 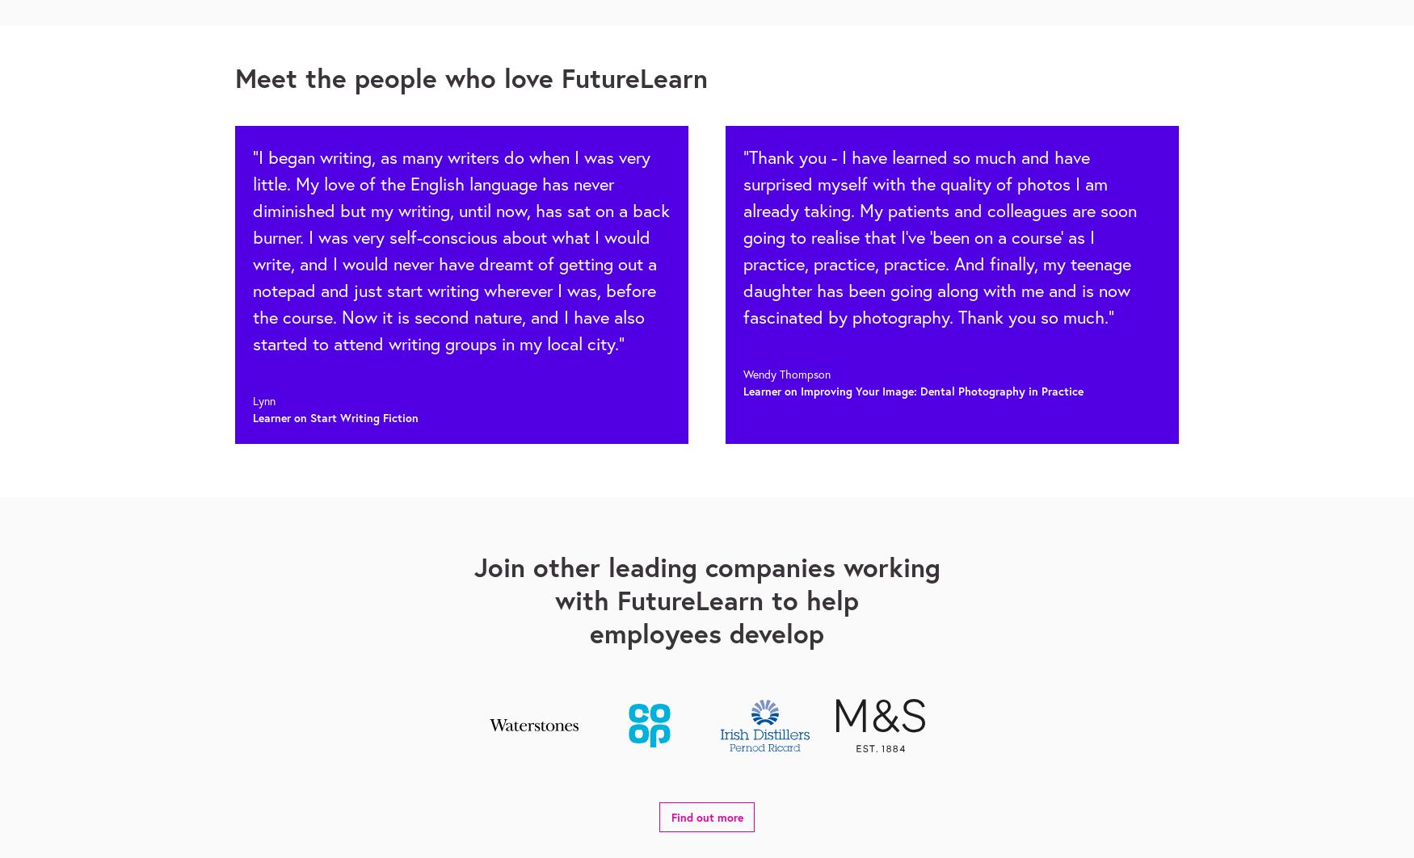 I want to click on 'Join other leading companies working with FutureLearn to help employees develop', so click(x=706, y=599).